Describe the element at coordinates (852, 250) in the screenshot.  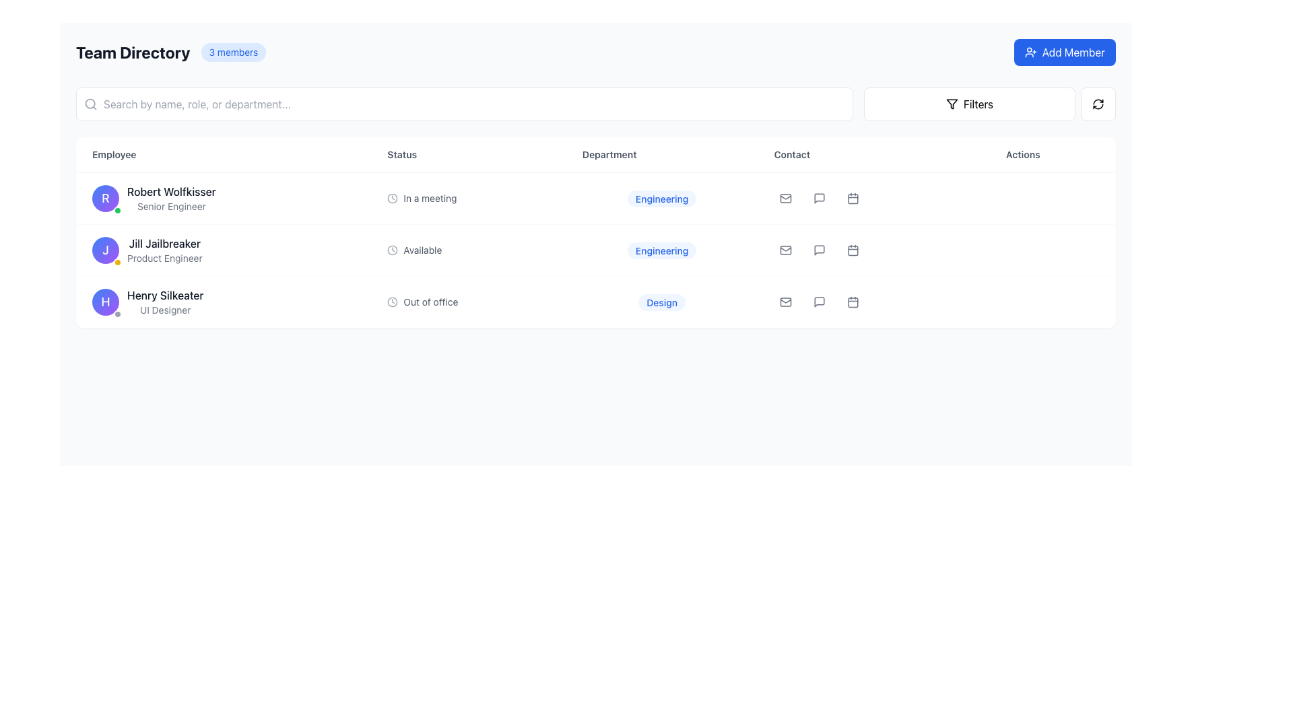
I see `the third interactive icon in the actions section of the row for 'Jill Jailbreaker'` at that location.